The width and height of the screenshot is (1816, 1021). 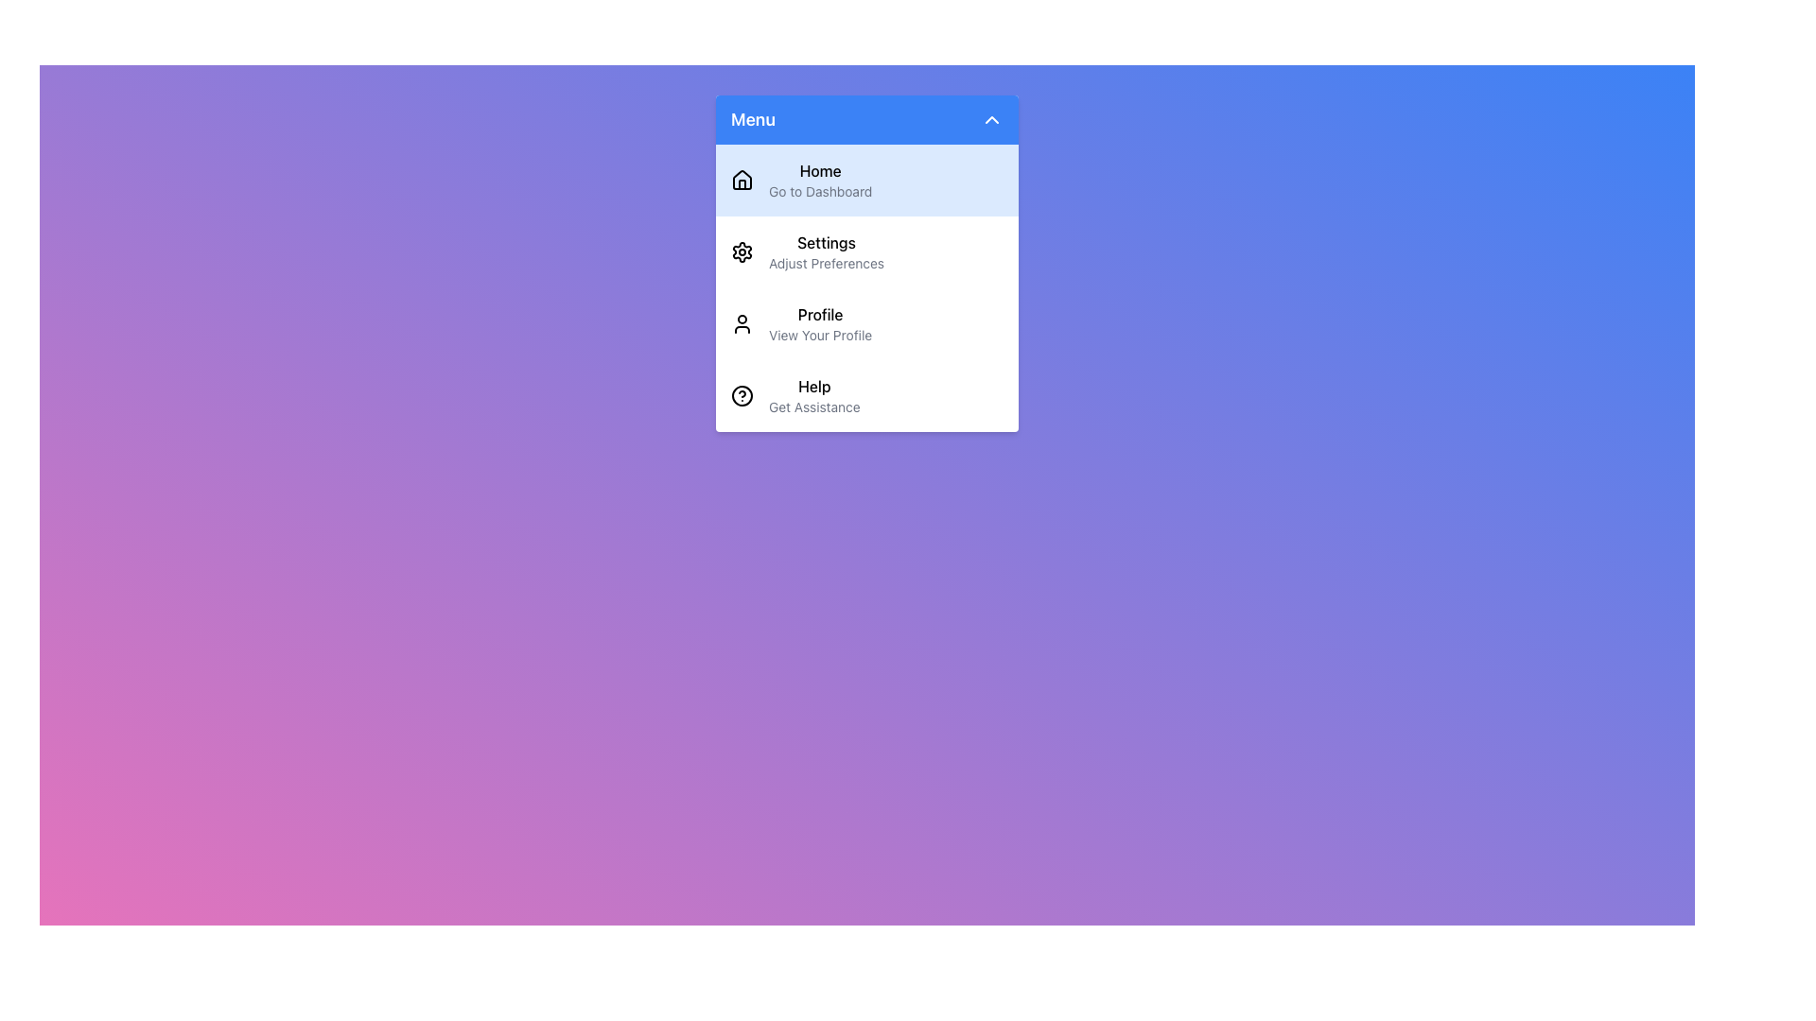 I want to click on the user profile icon, which is the first graphical icon in the menu item located to the left of the text 'Profile' in the third option of the vertical menu, so click(x=742, y=323).